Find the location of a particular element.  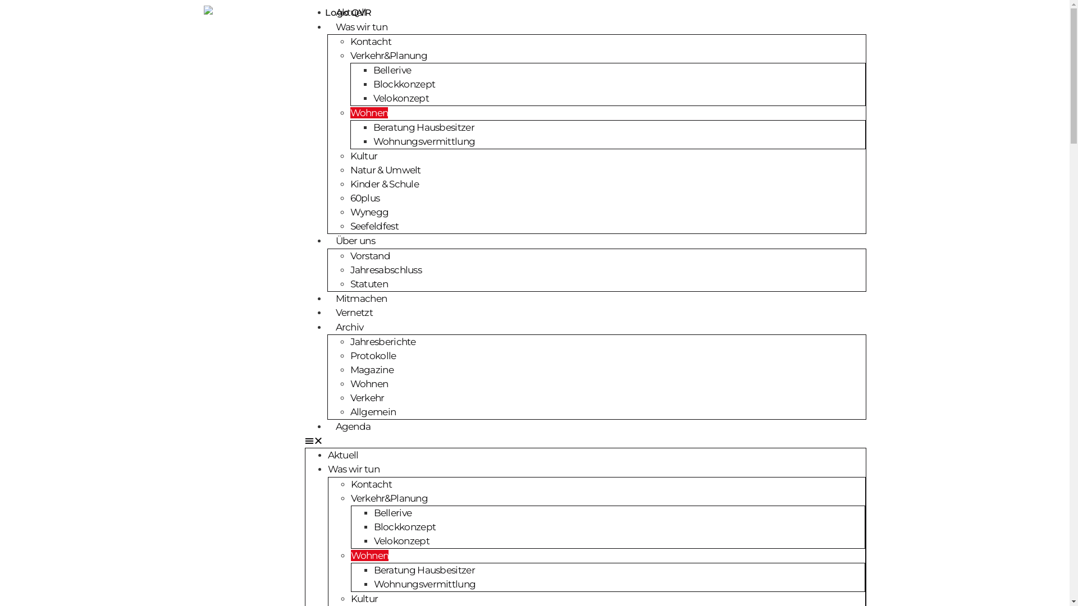

'Seefeldfest' is located at coordinates (350, 226).